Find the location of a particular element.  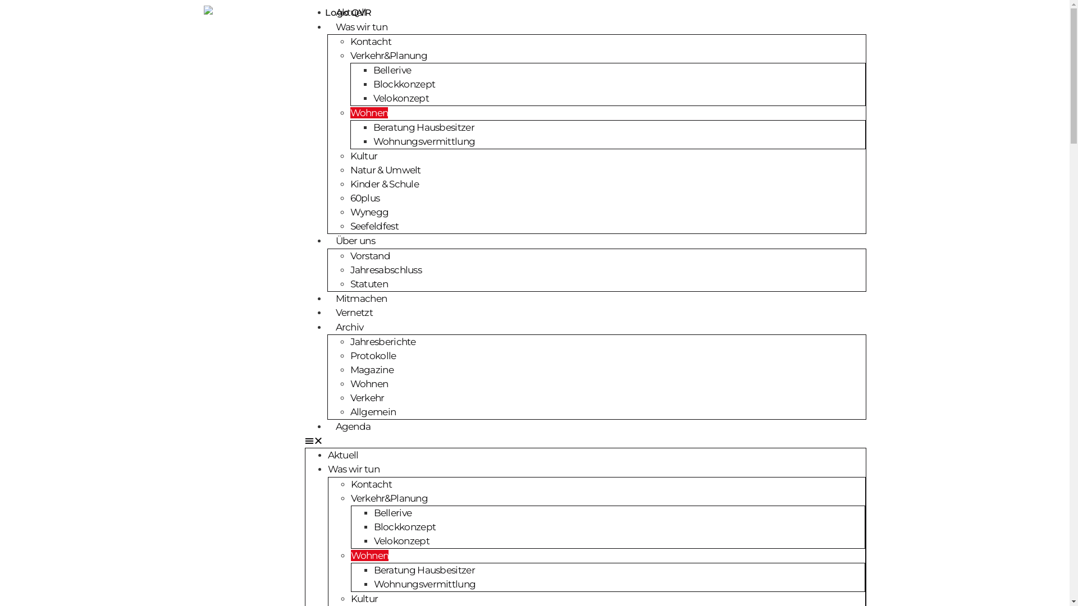

'Seefeldfest' is located at coordinates (350, 226).